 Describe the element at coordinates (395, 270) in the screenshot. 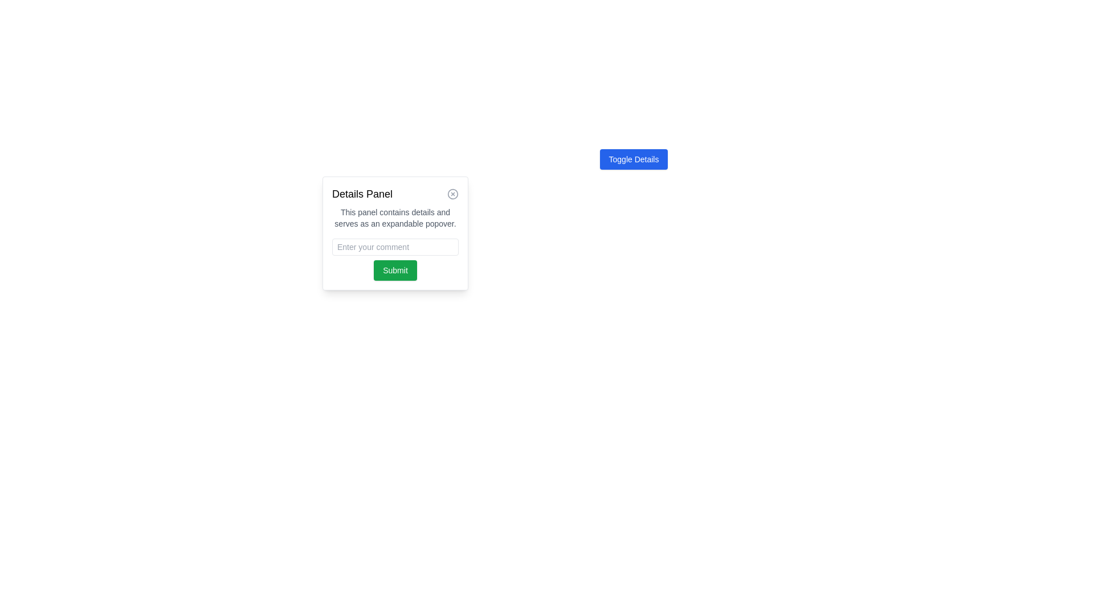

I see `the 'Submit' button, which is a rectangular button with a green background and white text, located at the bottom of the 'Details Panel'` at that location.